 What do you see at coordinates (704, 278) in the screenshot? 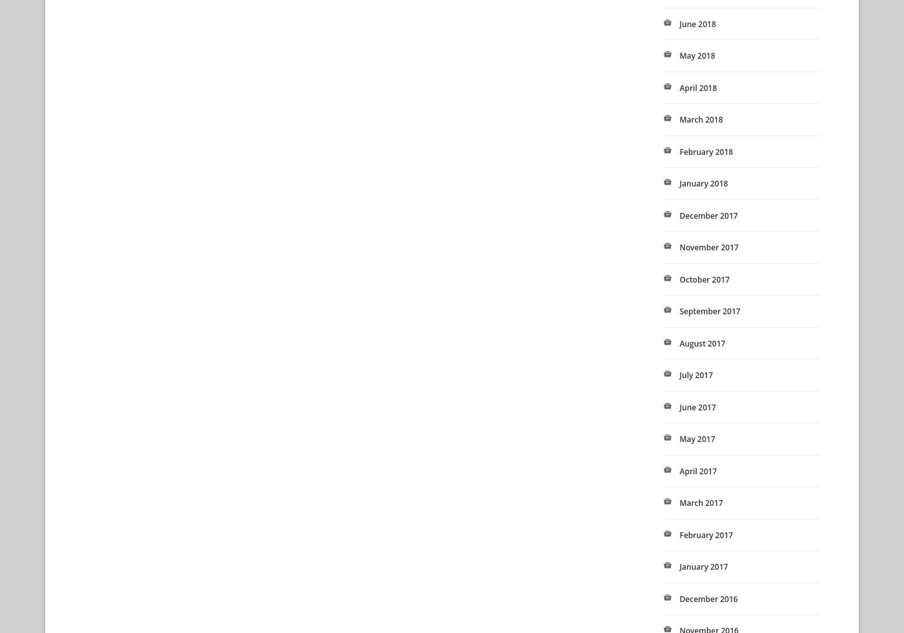
I see `'October 2017'` at bounding box center [704, 278].